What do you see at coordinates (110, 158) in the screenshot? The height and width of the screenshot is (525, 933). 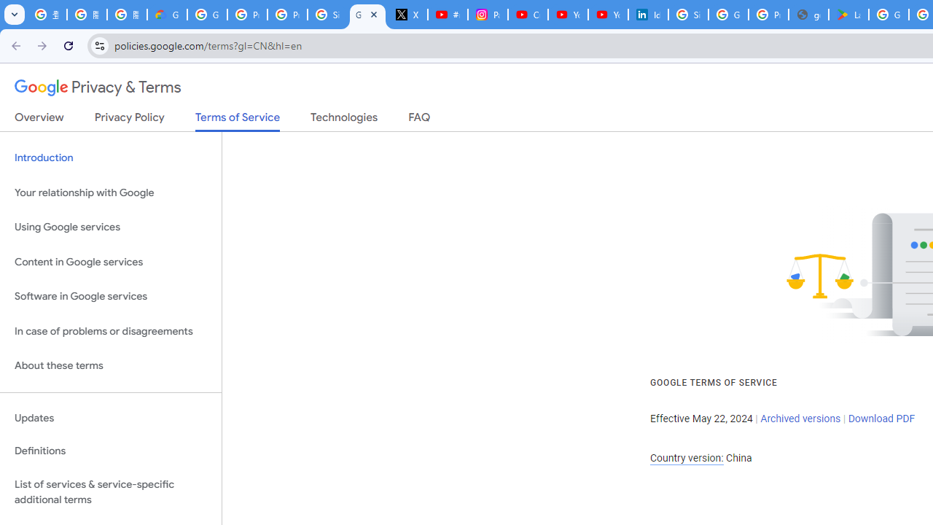 I see `'Introduction'` at bounding box center [110, 158].